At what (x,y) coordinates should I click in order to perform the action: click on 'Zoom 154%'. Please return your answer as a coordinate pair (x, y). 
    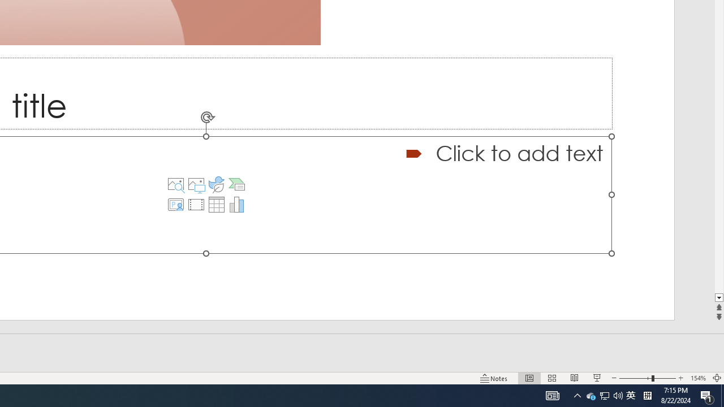
    Looking at the image, I should click on (697, 378).